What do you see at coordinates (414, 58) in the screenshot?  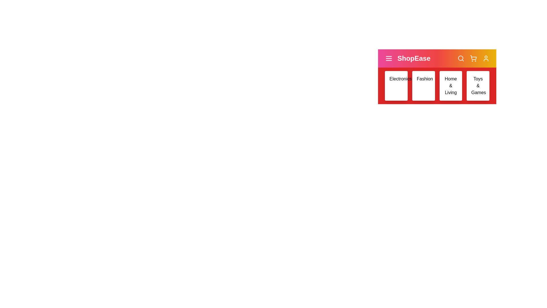 I see `the 'ShopEase' brand name to navigate` at bounding box center [414, 58].